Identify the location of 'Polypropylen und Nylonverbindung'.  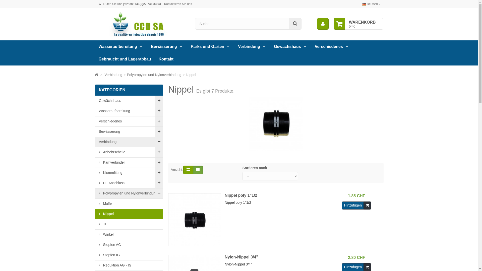
(154, 75).